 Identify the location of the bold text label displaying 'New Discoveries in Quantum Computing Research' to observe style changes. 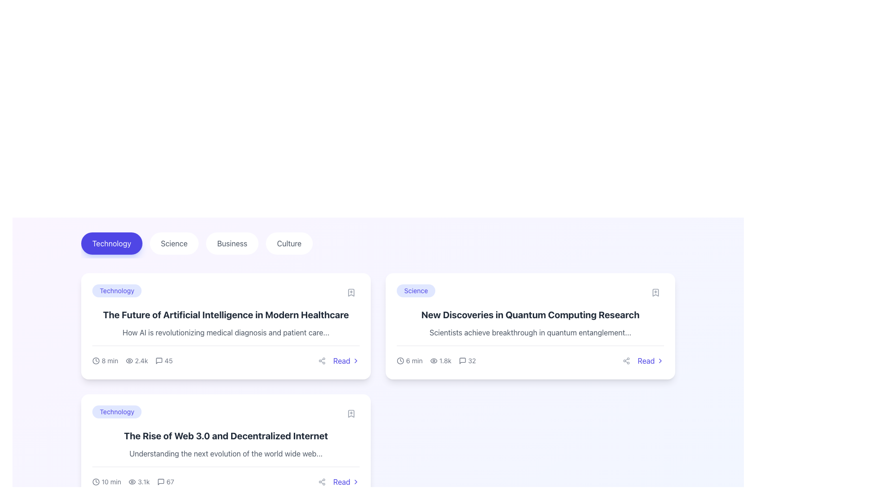
(530, 314).